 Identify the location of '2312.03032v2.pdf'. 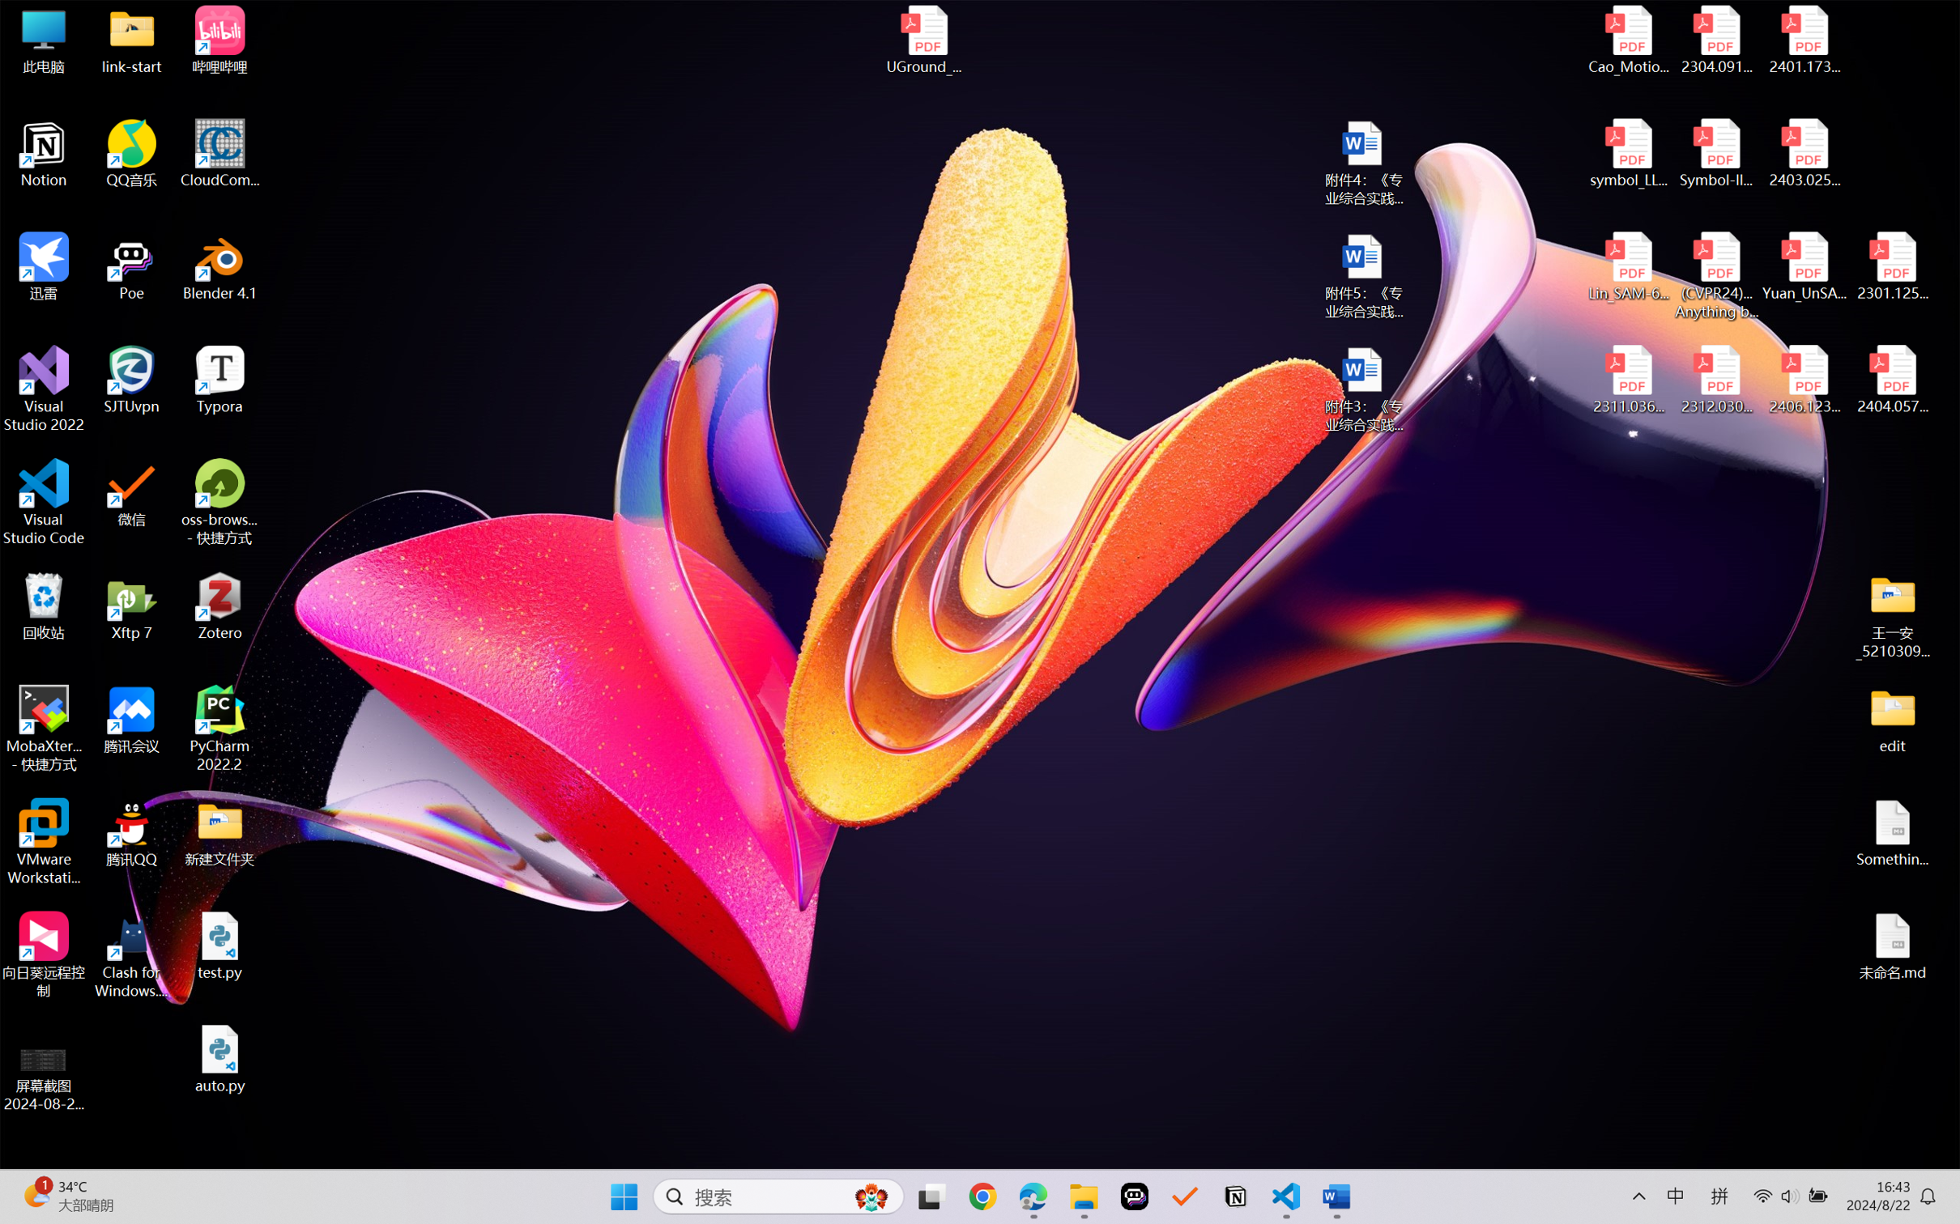
(1715, 380).